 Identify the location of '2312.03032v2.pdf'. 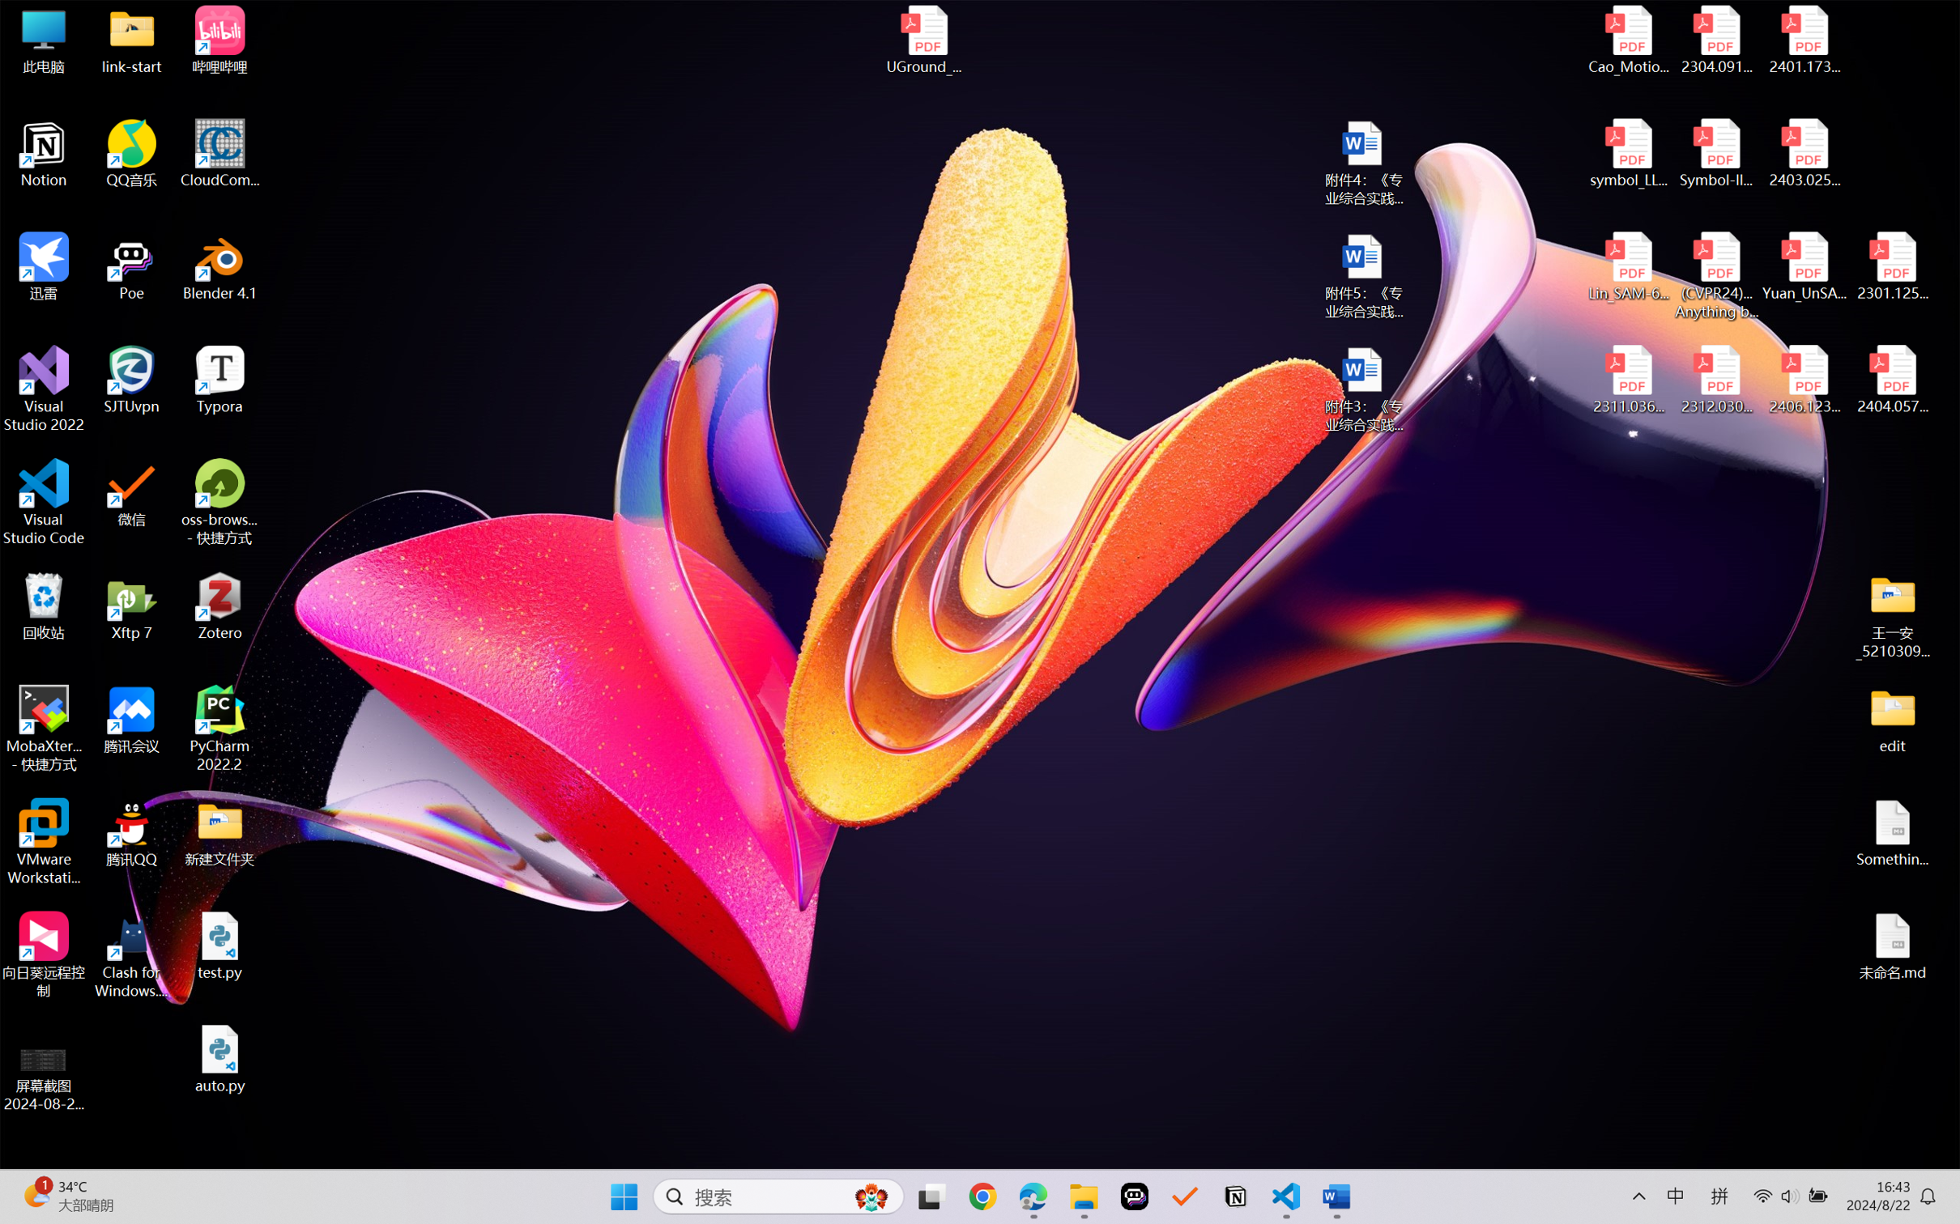
(1715, 380).